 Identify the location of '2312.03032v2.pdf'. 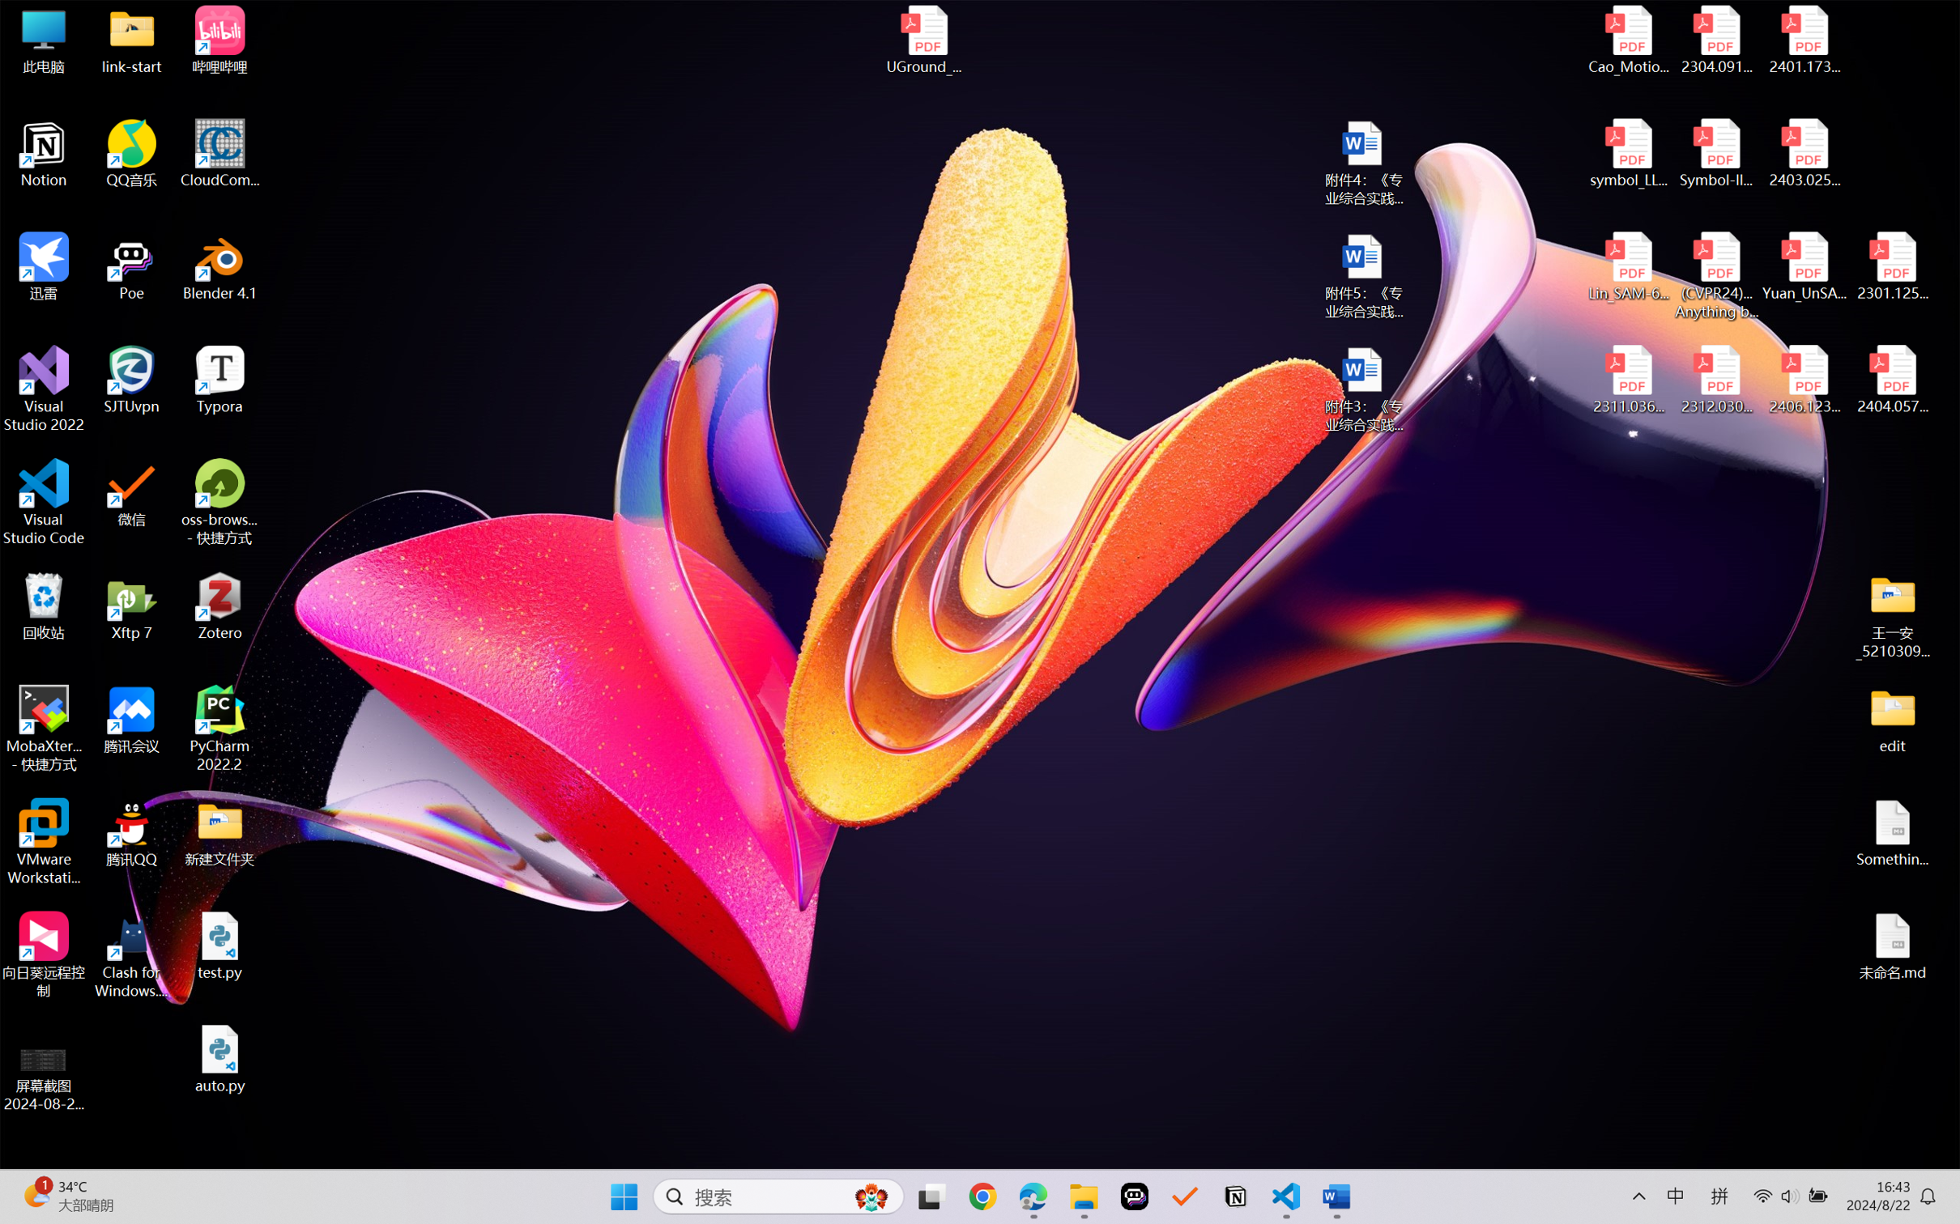
(1715, 380).